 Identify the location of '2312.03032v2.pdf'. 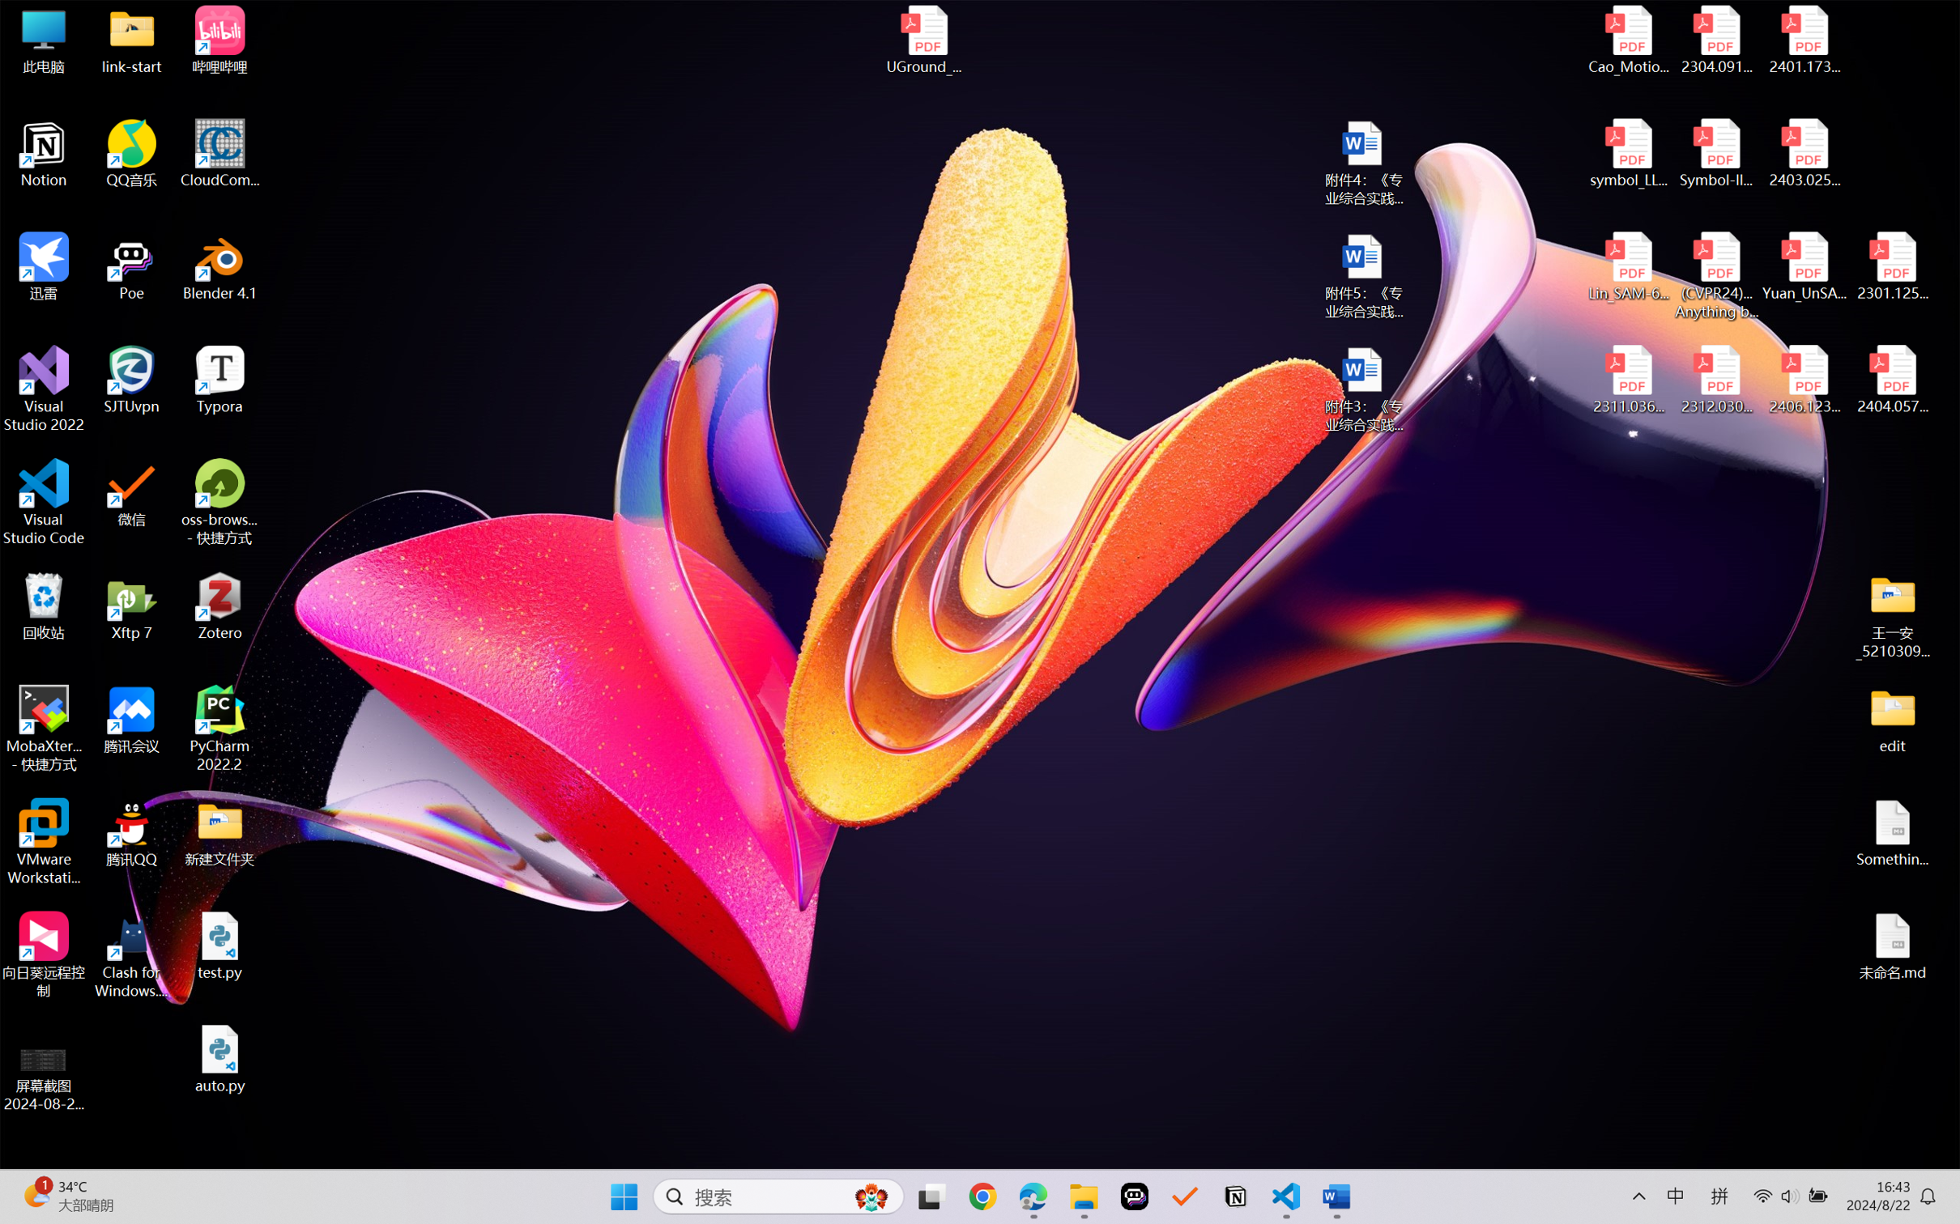
(1715, 380).